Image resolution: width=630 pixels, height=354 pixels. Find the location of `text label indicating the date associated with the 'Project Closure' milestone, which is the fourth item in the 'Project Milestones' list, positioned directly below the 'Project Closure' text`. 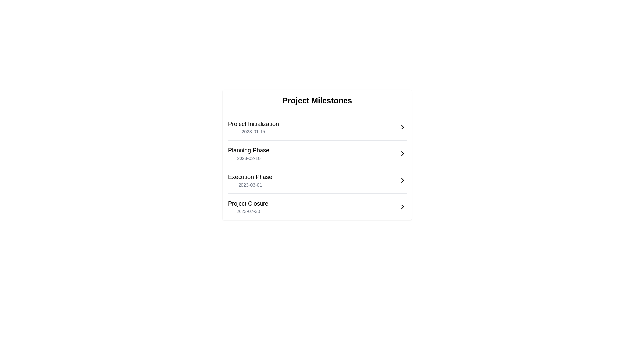

text label indicating the date associated with the 'Project Closure' milestone, which is the fourth item in the 'Project Milestones' list, positioned directly below the 'Project Closure' text is located at coordinates (248, 211).